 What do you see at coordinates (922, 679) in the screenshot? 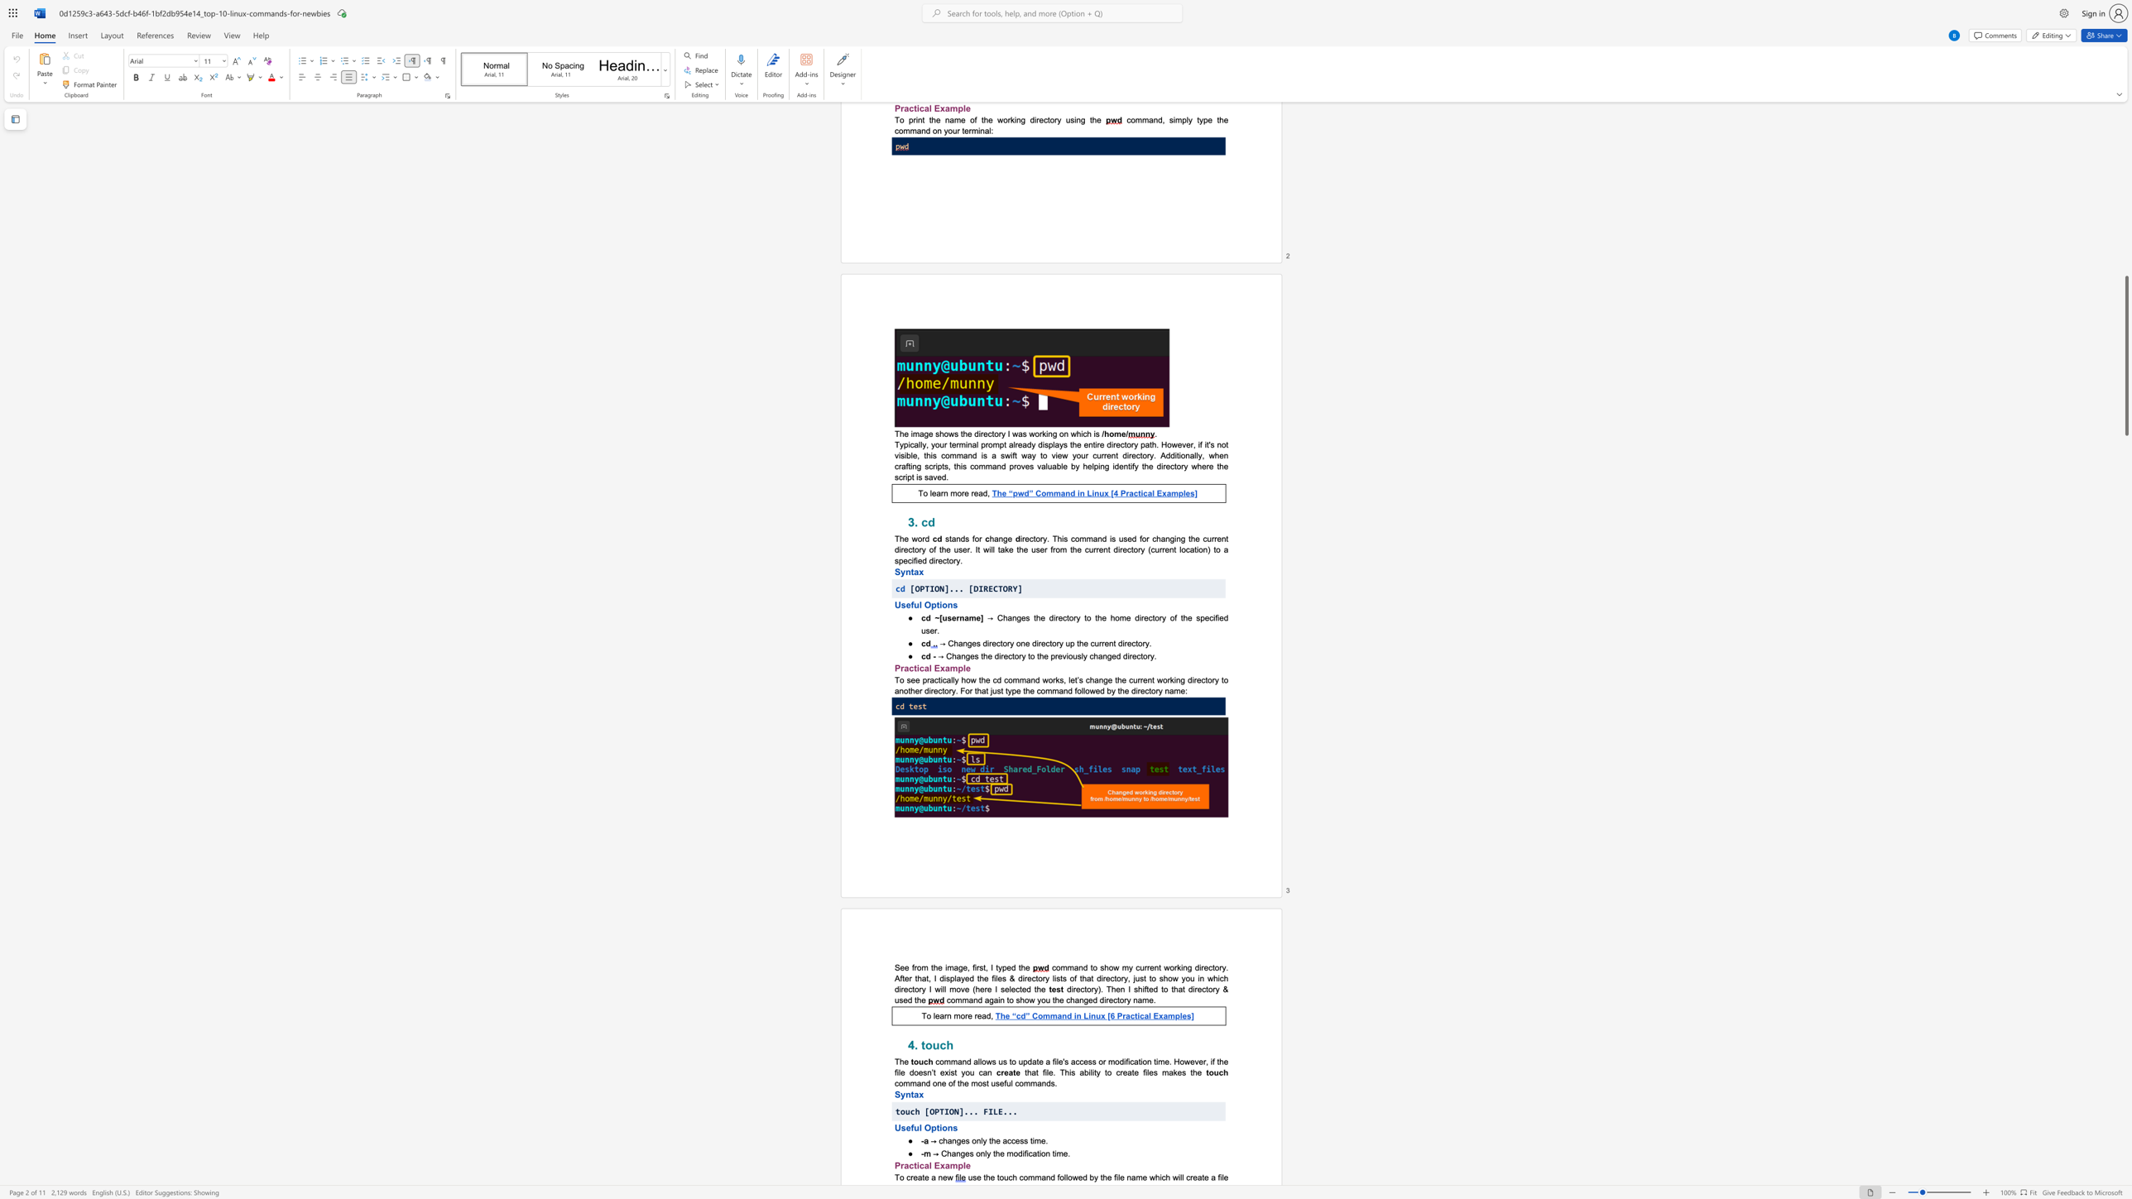
I see `the subset text "practically h" within the text "practically how"` at bounding box center [922, 679].